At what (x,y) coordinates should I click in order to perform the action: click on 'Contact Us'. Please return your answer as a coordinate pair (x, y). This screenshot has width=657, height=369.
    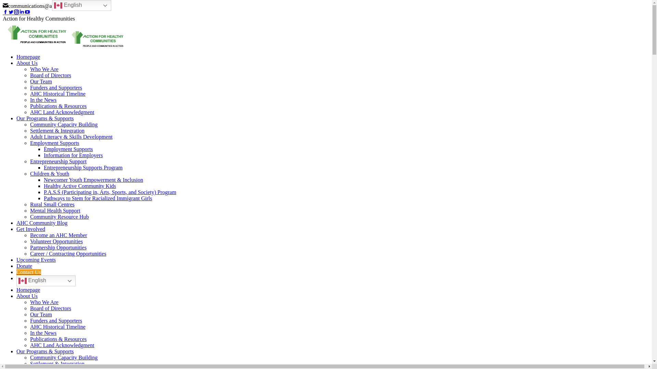
    Looking at the image, I should click on (28, 272).